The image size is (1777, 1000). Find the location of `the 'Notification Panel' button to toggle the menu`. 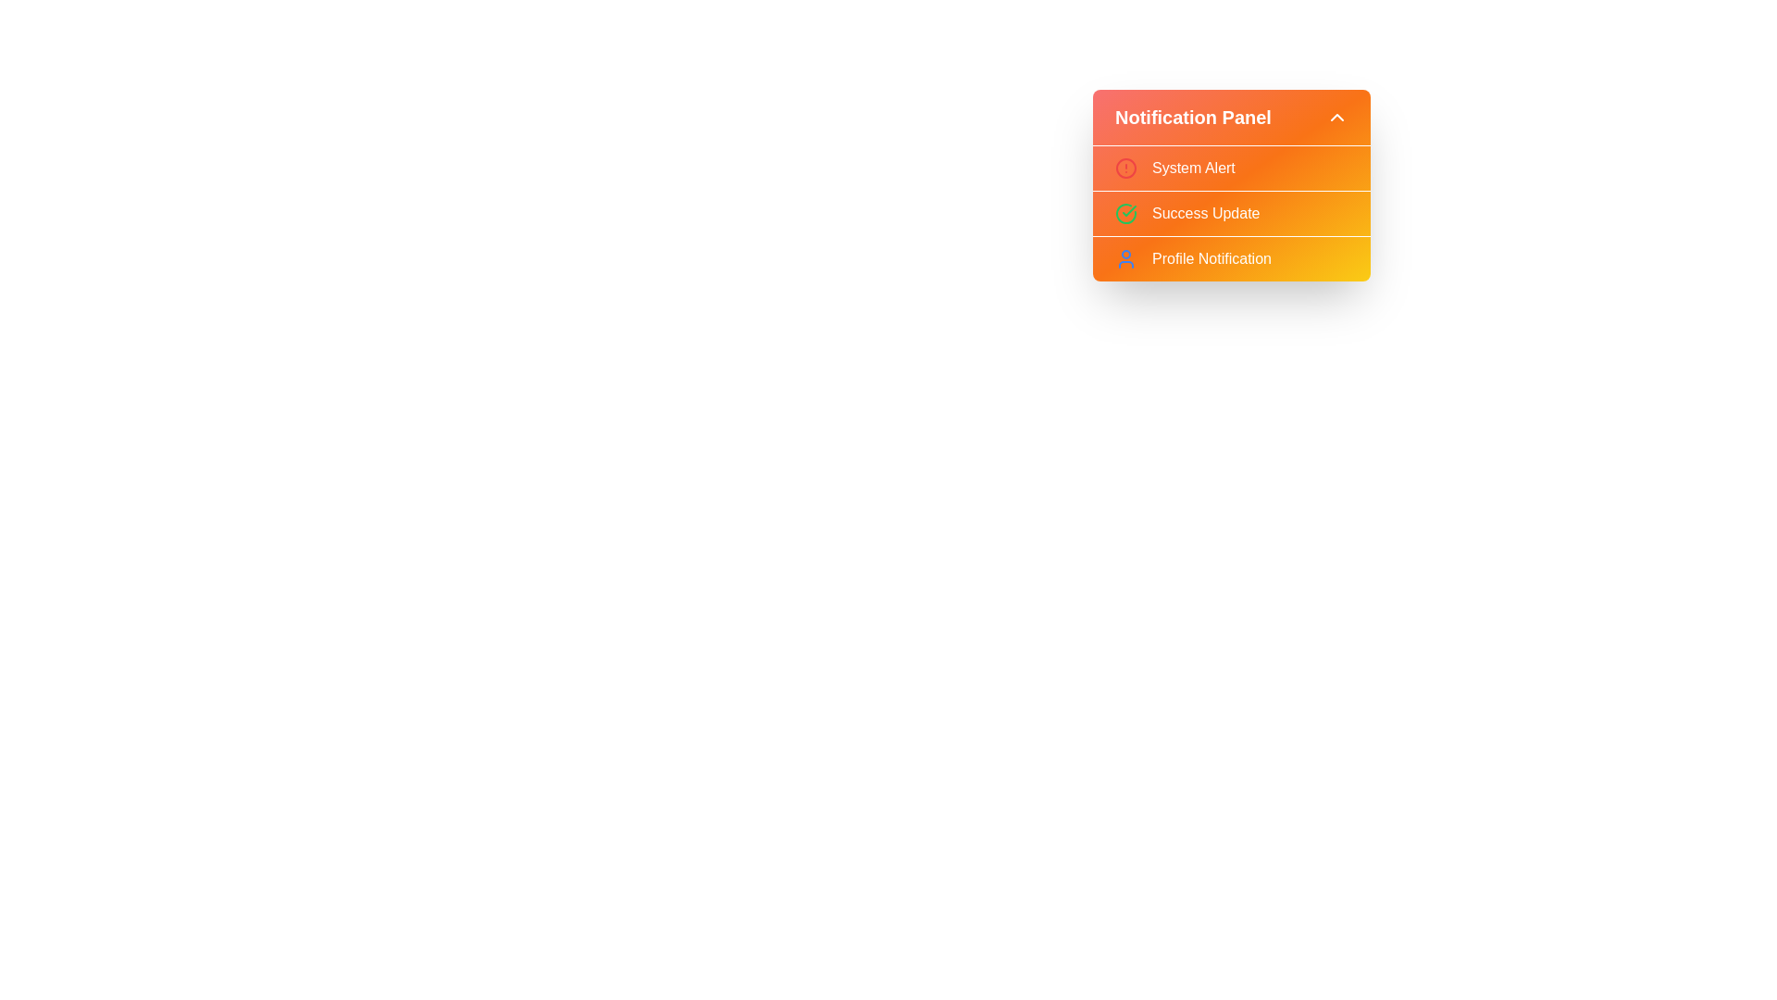

the 'Notification Panel' button to toggle the menu is located at coordinates (1231, 118).